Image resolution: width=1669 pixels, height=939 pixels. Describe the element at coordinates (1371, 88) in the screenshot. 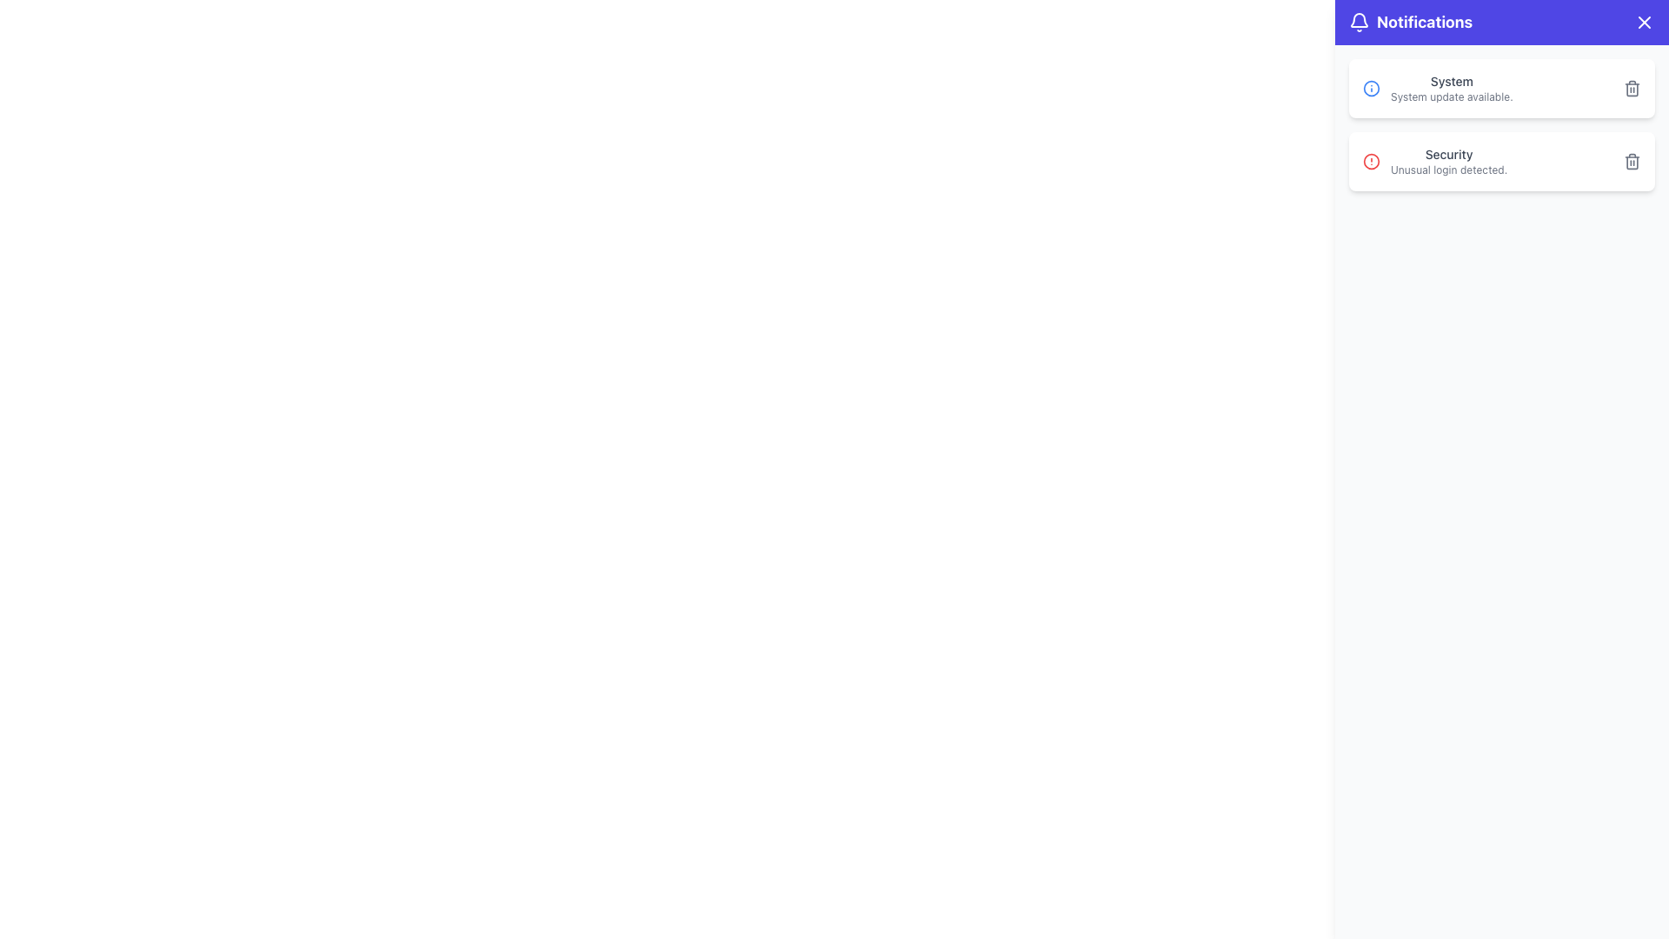

I see `the circular part of the notification icon in the top-right section of the notifications interface` at that location.